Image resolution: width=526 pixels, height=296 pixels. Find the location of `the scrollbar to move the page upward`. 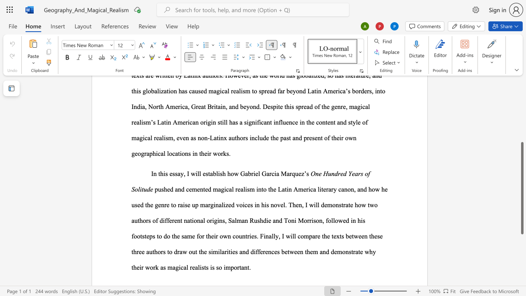

the scrollbar to move the page upward is located at coordinates (521, 115).